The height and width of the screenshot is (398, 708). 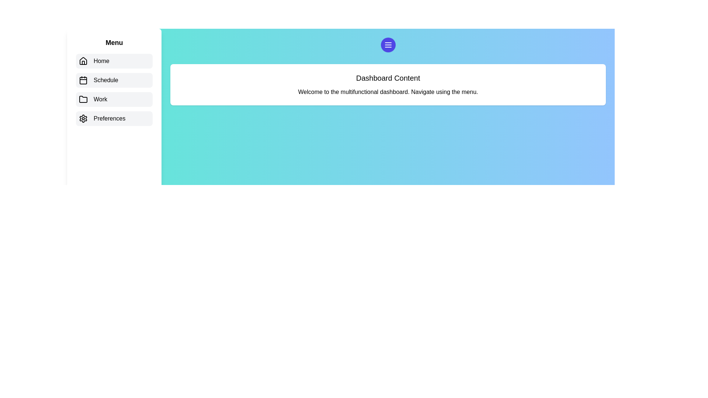 I want to click on the menu button to toggle the menu visibility, so click(x=388, y=45).